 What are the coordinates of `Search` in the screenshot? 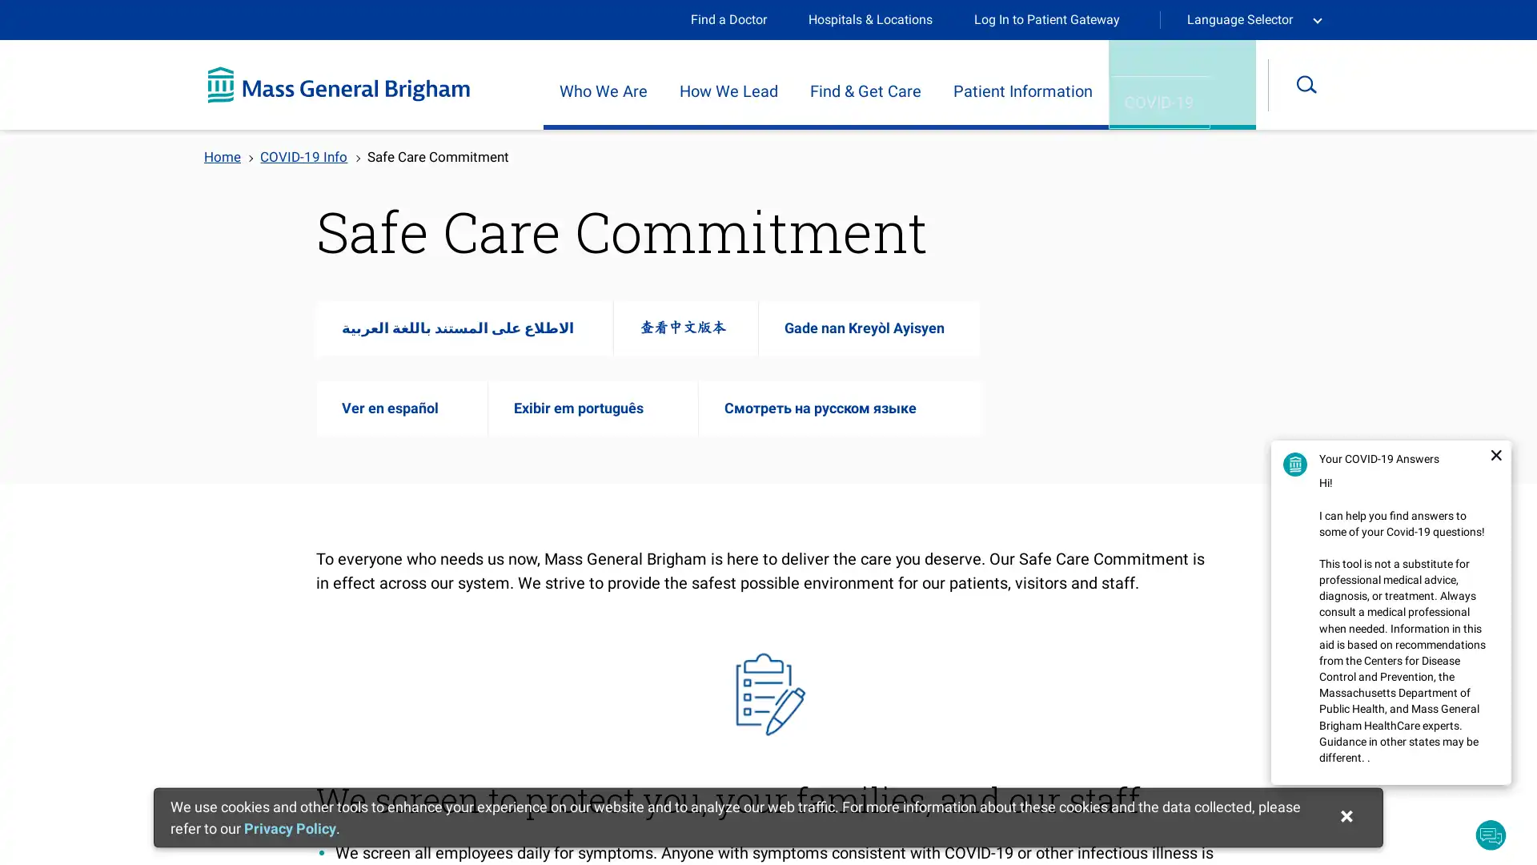 It's located at (1318, 84).